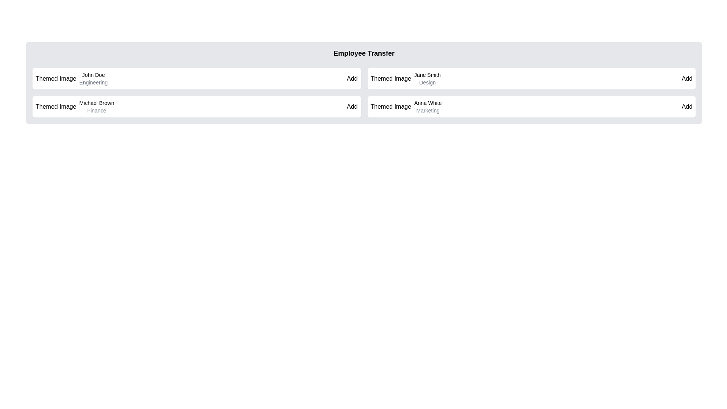 The image size is (727, 409). Describe the element at coordinates (96, 106) in the screenshot. I see `the text label displaying 'Michael Brown' in bold followed by 'Finance' in gray, located in the middle-left of the row structure between 'Themed Image' and 'Add'` at that location.